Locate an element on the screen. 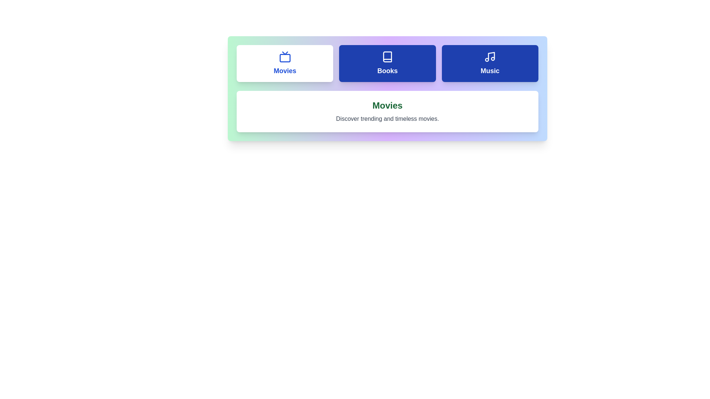 The width and height of the screenshot is (710, 399). the minimalist white book icon located on the central blue button labeled 'Books', which is positioned at the top-center of the interface, flanked by 'Movies' and 'Music' buttons is located at coordinates (387, 57).